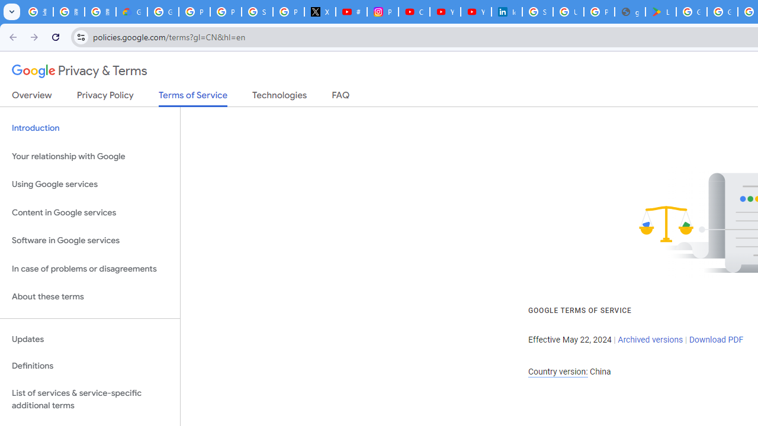 Image resolution: width=758 pixels, height=426 pixels. Describe the element at coordinates (660, 12) in the screenshot. I see `'Last Shelter: Survival - Apps on Google Play'` at that location.